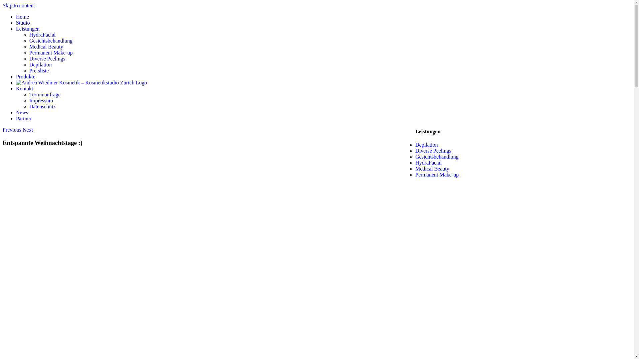 The width and height of the screenshot is (639, 359). What do you see at coordinates (23, 22) in the screenshot?
I see `'Studio'` at bounding box center [23, 22].